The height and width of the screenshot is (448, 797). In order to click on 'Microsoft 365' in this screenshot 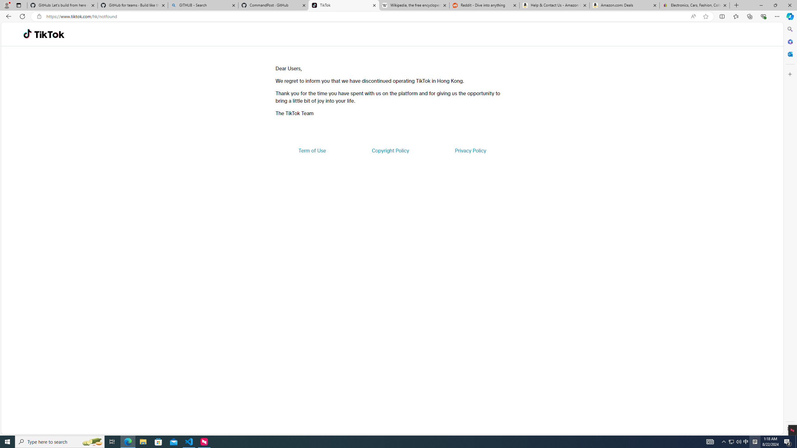, I will do `click(789, 42)`.